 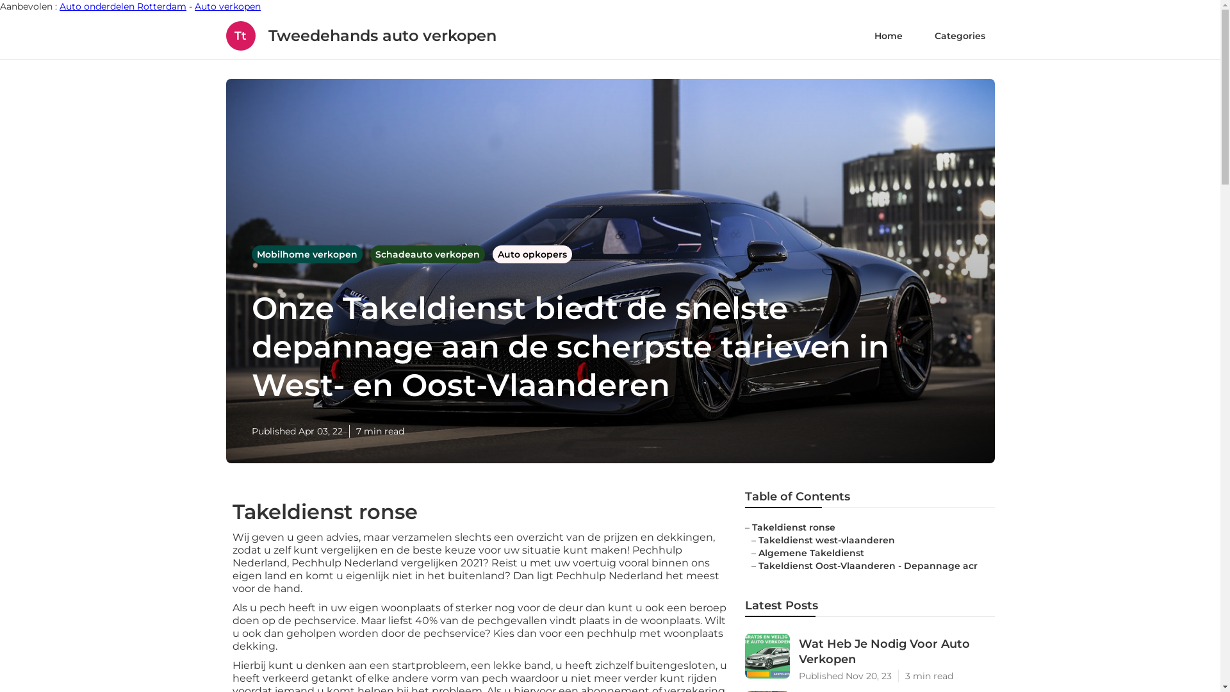 What do you see at coordinates (227, 6) in the screenshot?
I see `'Auto verkopen'` at bounding box center [227, 6].